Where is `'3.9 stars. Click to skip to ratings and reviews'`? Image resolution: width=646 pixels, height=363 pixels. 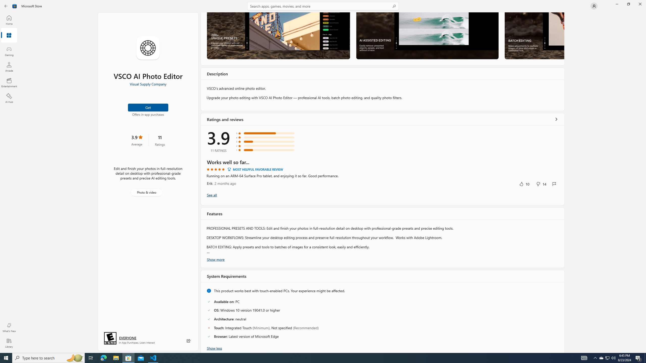 '3.9 stars. Click to skip to ratings and reviews' is located at coordinates (137, 140).